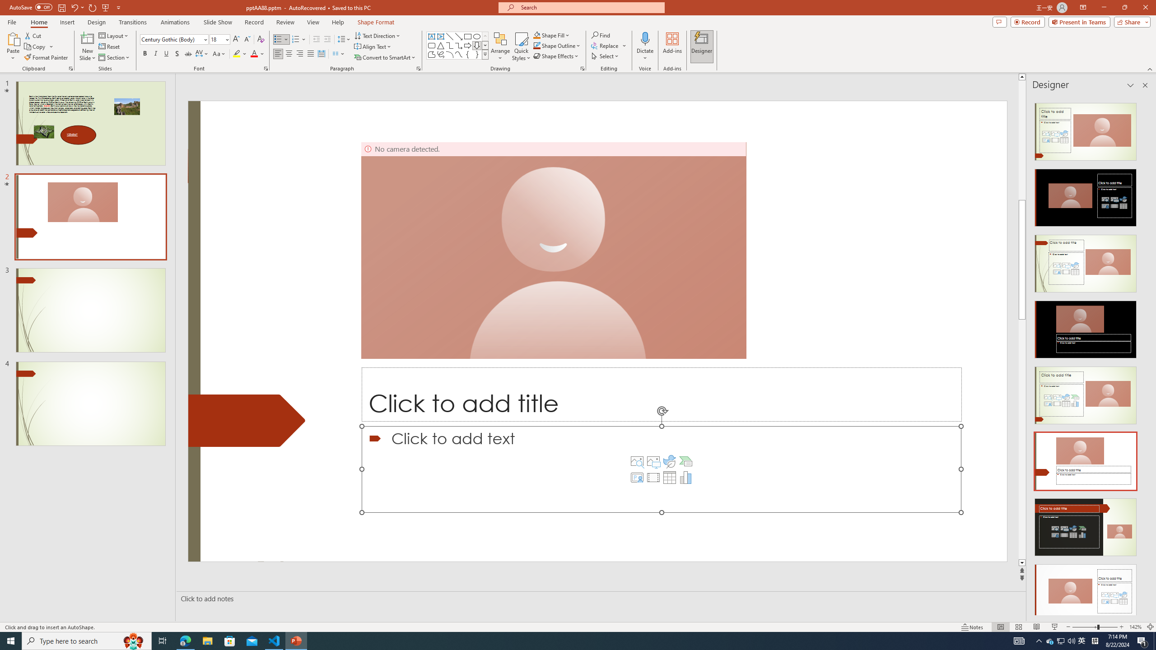 The width and height of the screenshot is (1156, 650). What do you see at coordinates (281, 39) in the screenshot?
I see `'Bullets'` at bounding box center [281, 39].